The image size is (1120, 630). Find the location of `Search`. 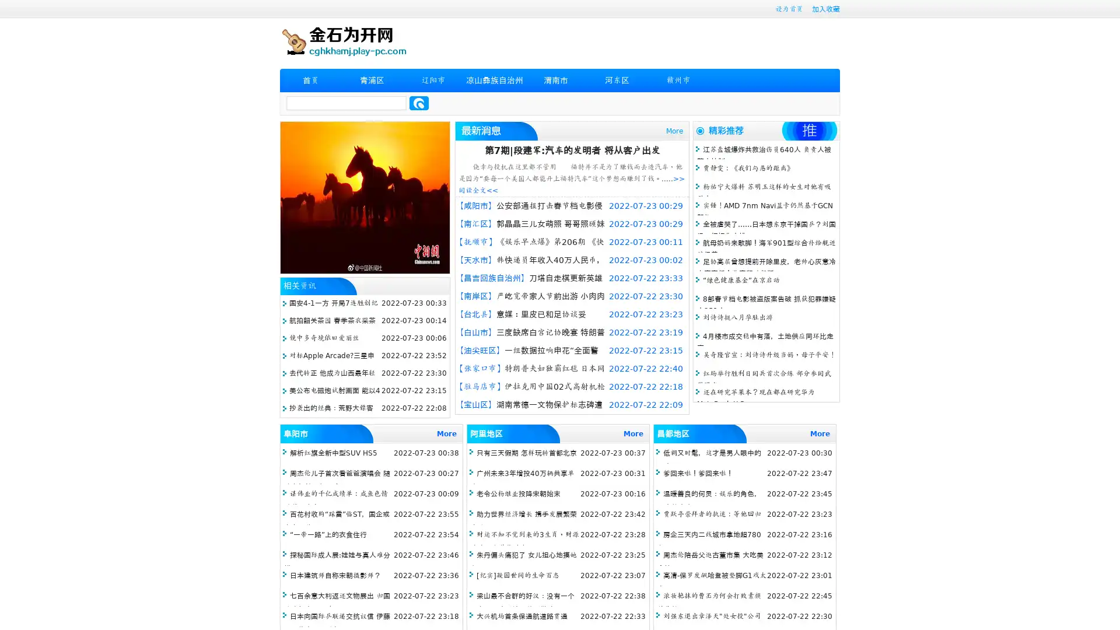

Search is located at coordinates (419, 103).